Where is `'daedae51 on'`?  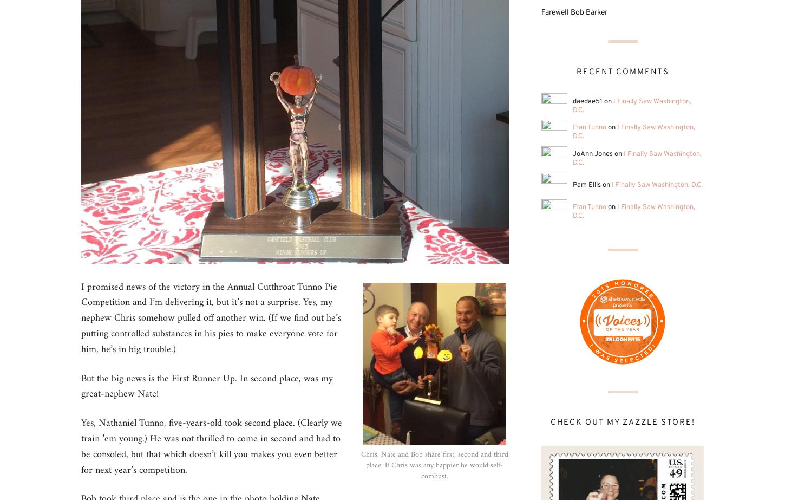 'daedae51 on' is located at coordinates (592, 102).